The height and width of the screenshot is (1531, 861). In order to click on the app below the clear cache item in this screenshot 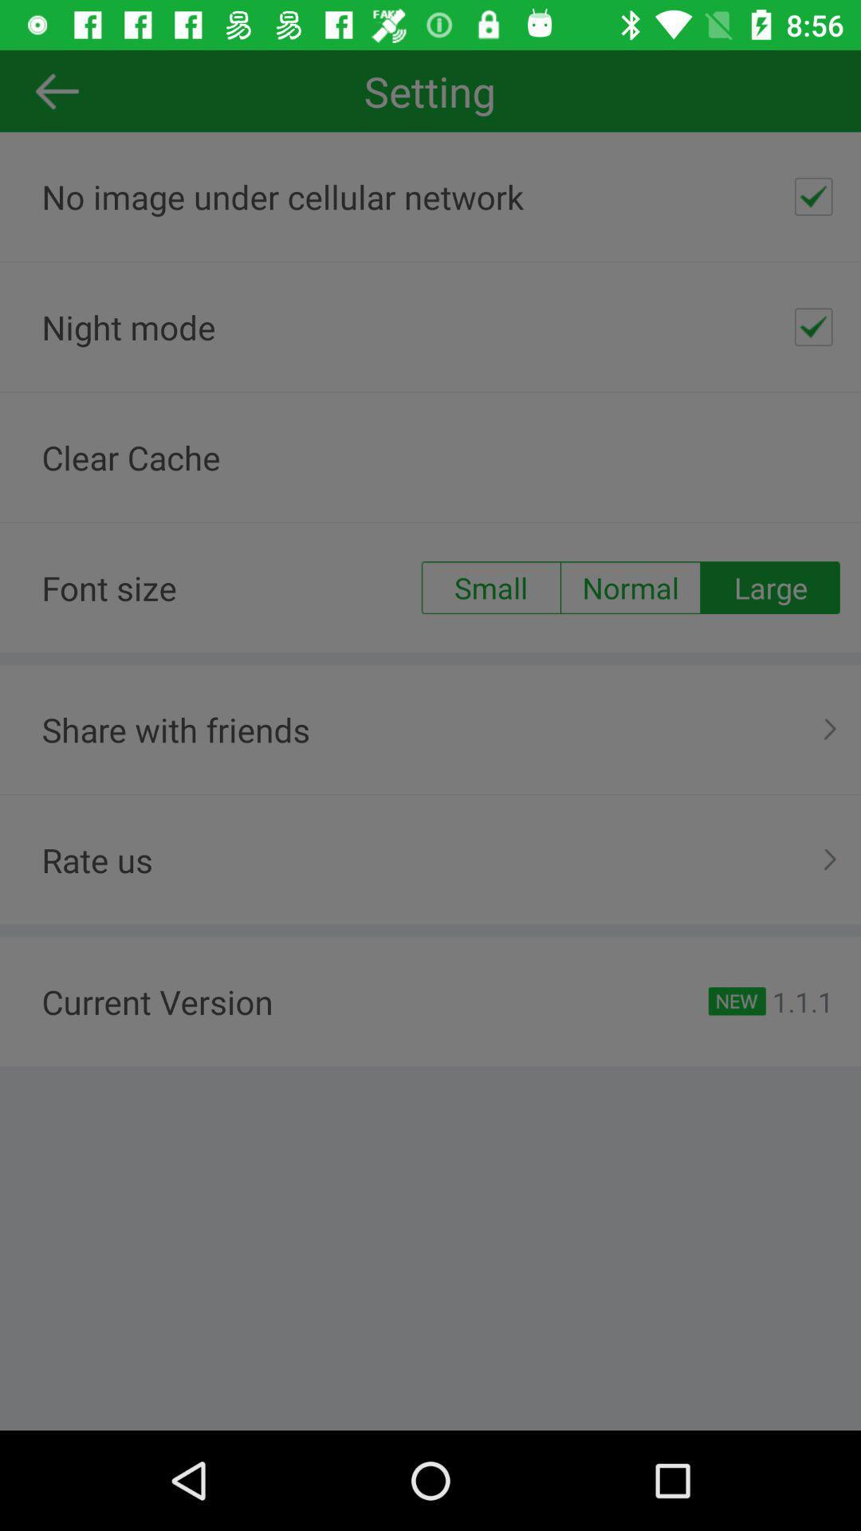, I will do `click(489, 587)`.